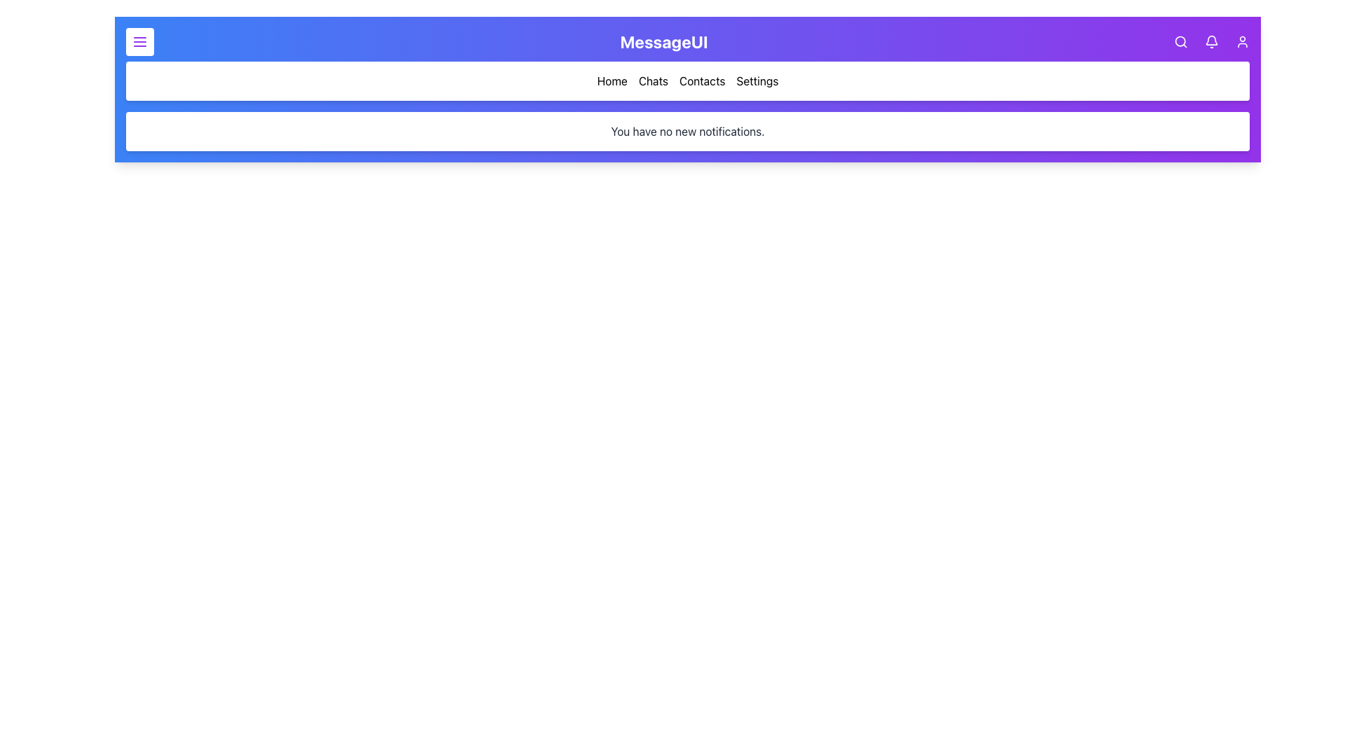 This screenshot has width=1345, height=756. Describe the element at coordinates (1210, 41) in the screenshot. I see `the notification bell icon located at the far right section of the header bar` at that location.